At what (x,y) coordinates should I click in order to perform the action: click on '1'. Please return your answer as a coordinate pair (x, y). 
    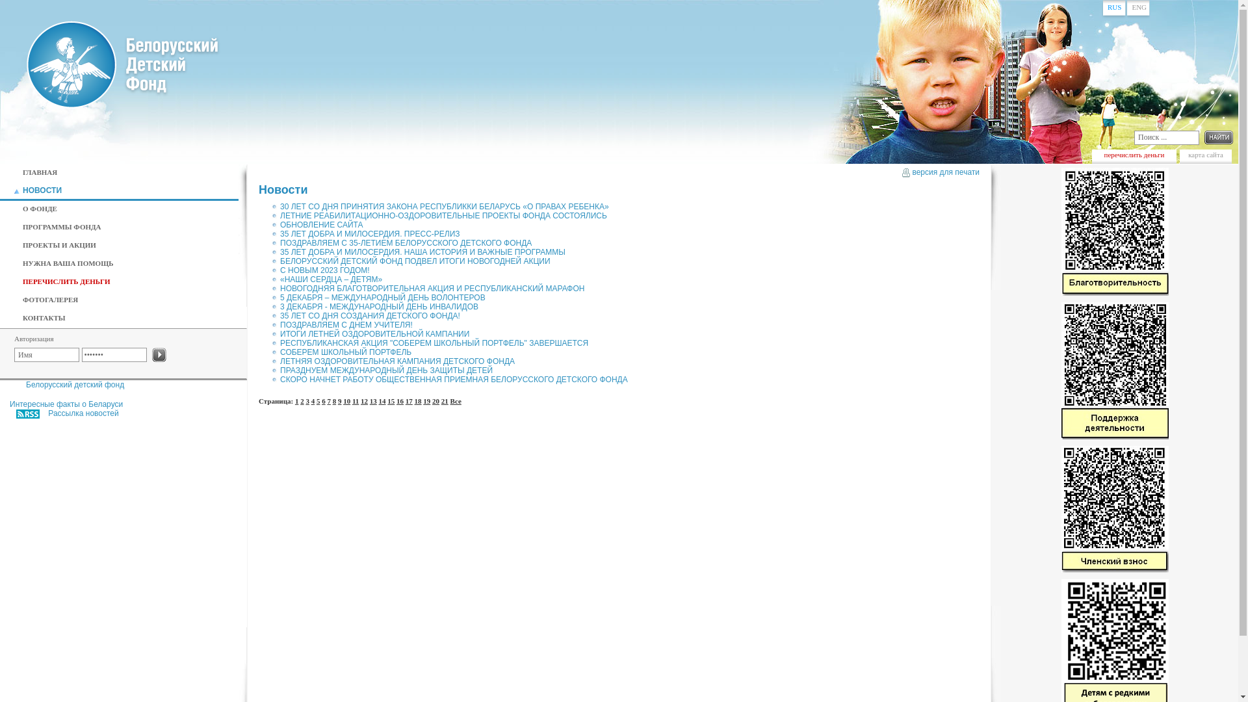
    Looking at the image, I should click on (296, 397).